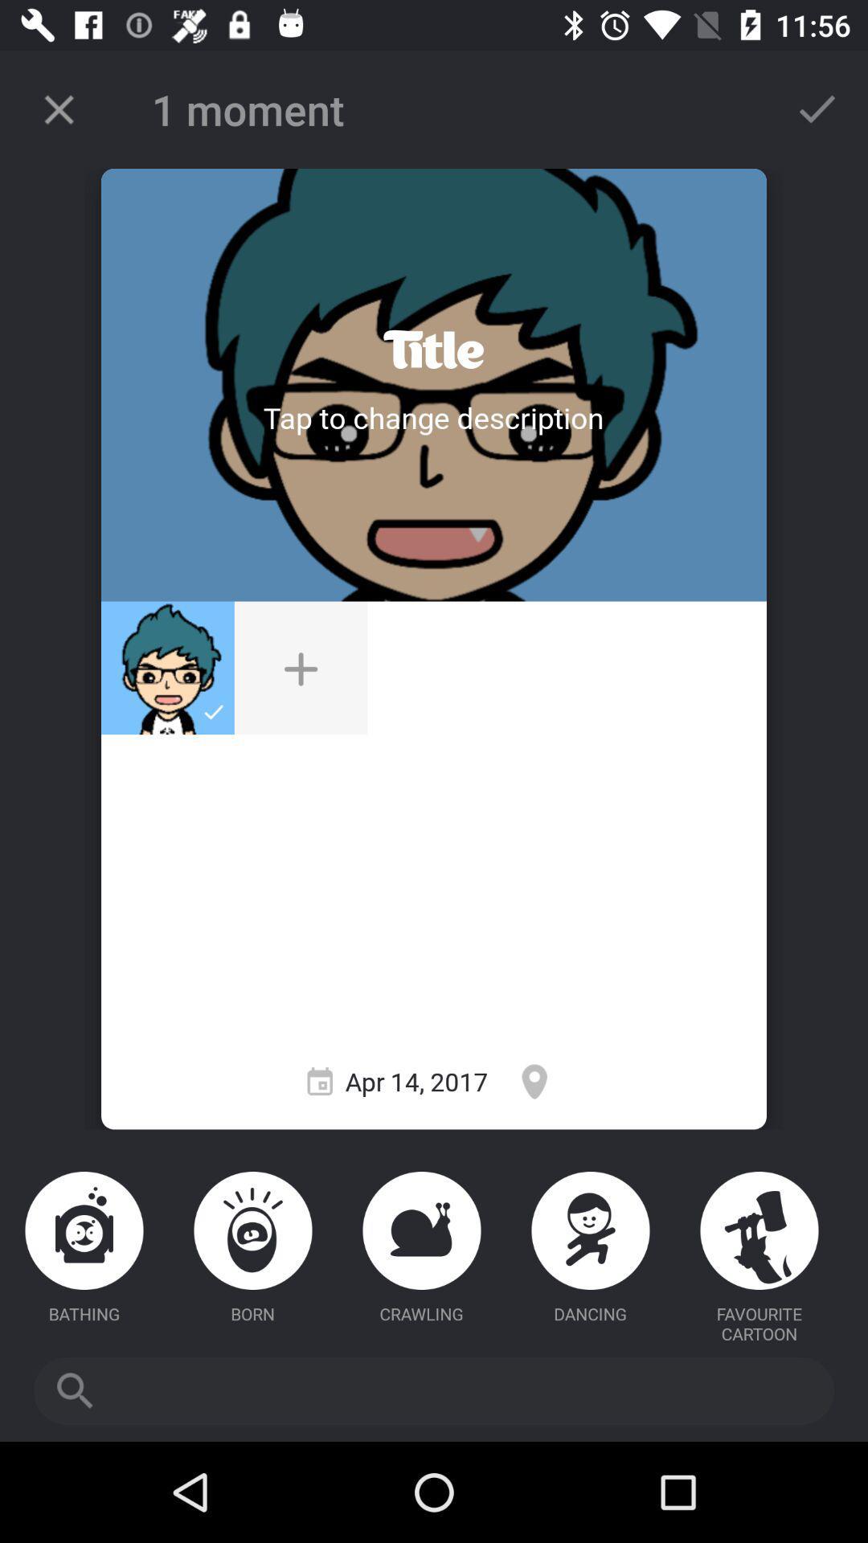 The image size is (868, 1543). What do you see at coordinates (432, 349) in the screenshot?
I see `the title` at bounding box center [432, 349].